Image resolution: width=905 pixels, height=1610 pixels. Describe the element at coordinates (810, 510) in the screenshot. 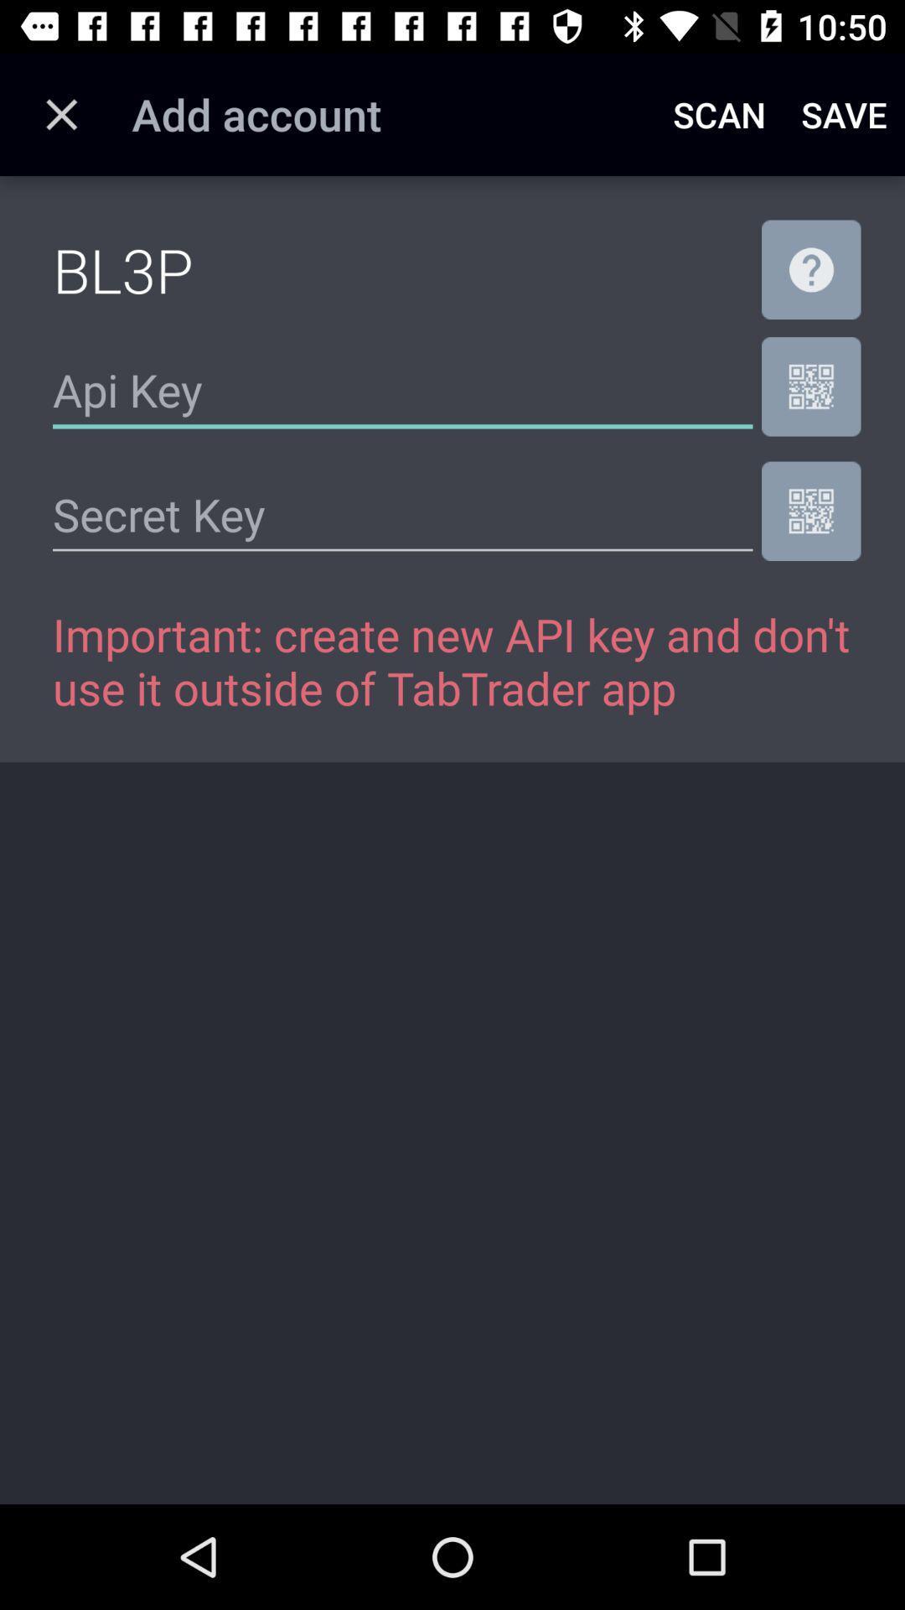

I see `the icon above the important create new item` at that location.